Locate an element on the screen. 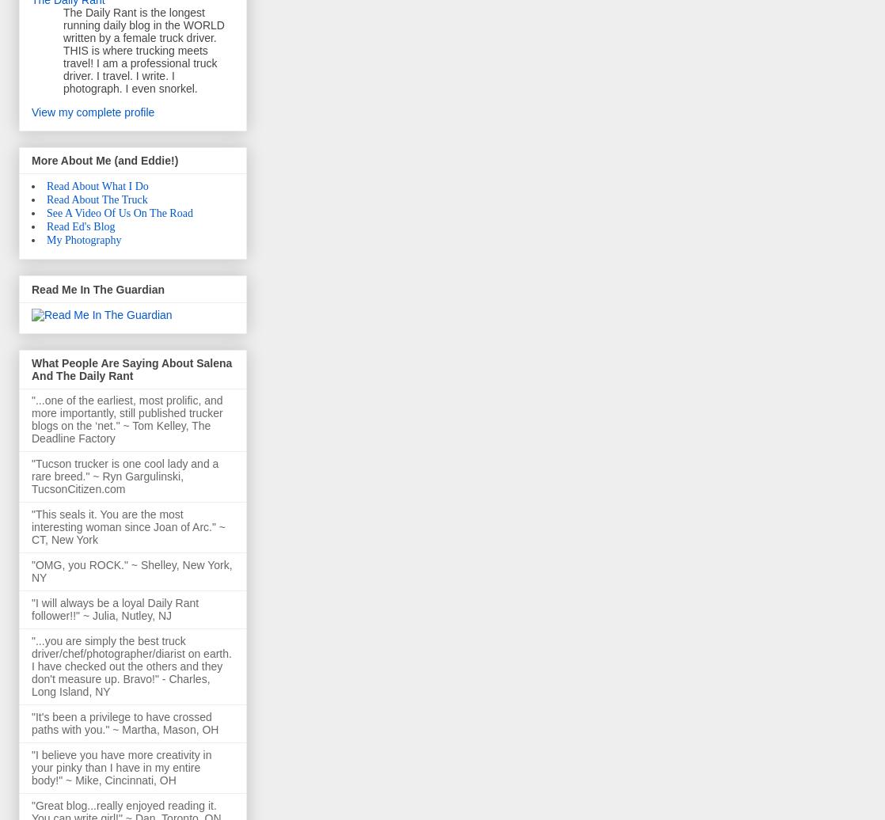  'The Daily Rant is the longest running daily blog in the WORLD written by a female truck driver.  THIS is where trucking meets travel!  I am a professional truck driver. I travel. I write. I photograph. I even snorkel.' is located at coordinates (143, 49).